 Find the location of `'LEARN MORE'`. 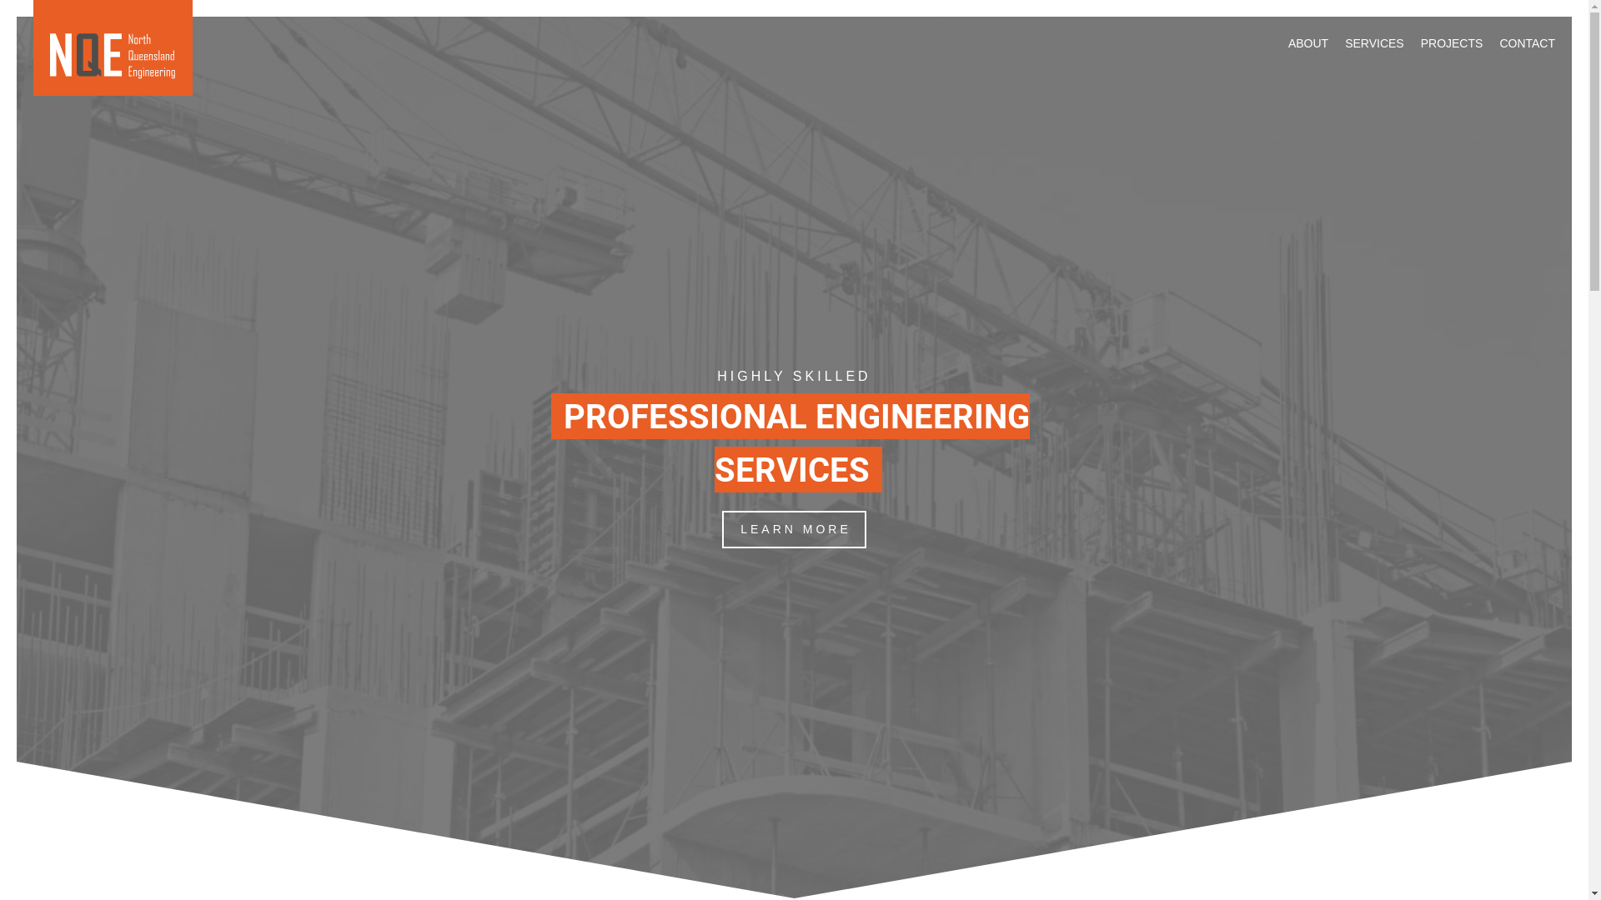

'LEARN MORE' is located at coordinates (721, 529).